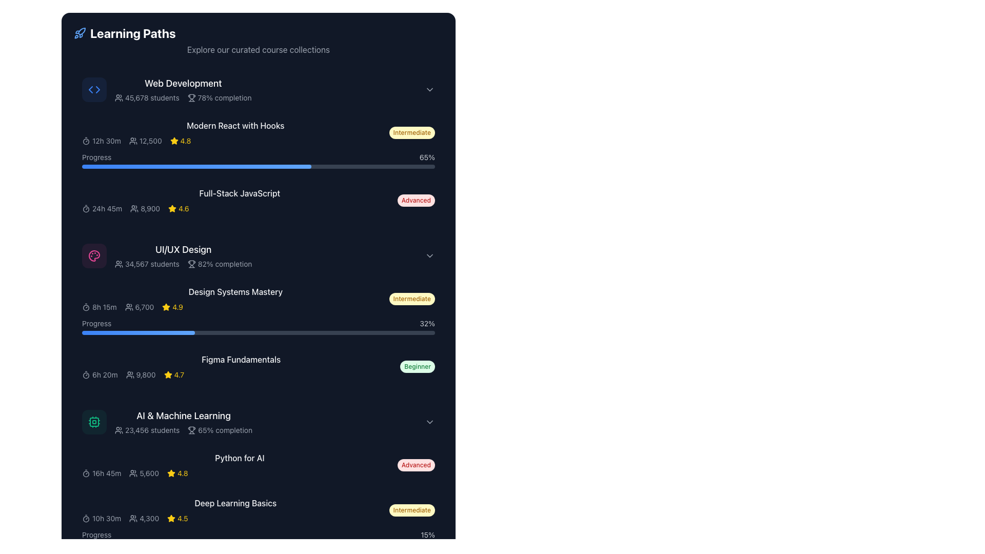 This screenshot has width=985, height=554. Describe the element at coordinates (91, 89) in the screenshot. I see `the left-oriented arrow icon located at the left edge of the Web Development section` at that location.